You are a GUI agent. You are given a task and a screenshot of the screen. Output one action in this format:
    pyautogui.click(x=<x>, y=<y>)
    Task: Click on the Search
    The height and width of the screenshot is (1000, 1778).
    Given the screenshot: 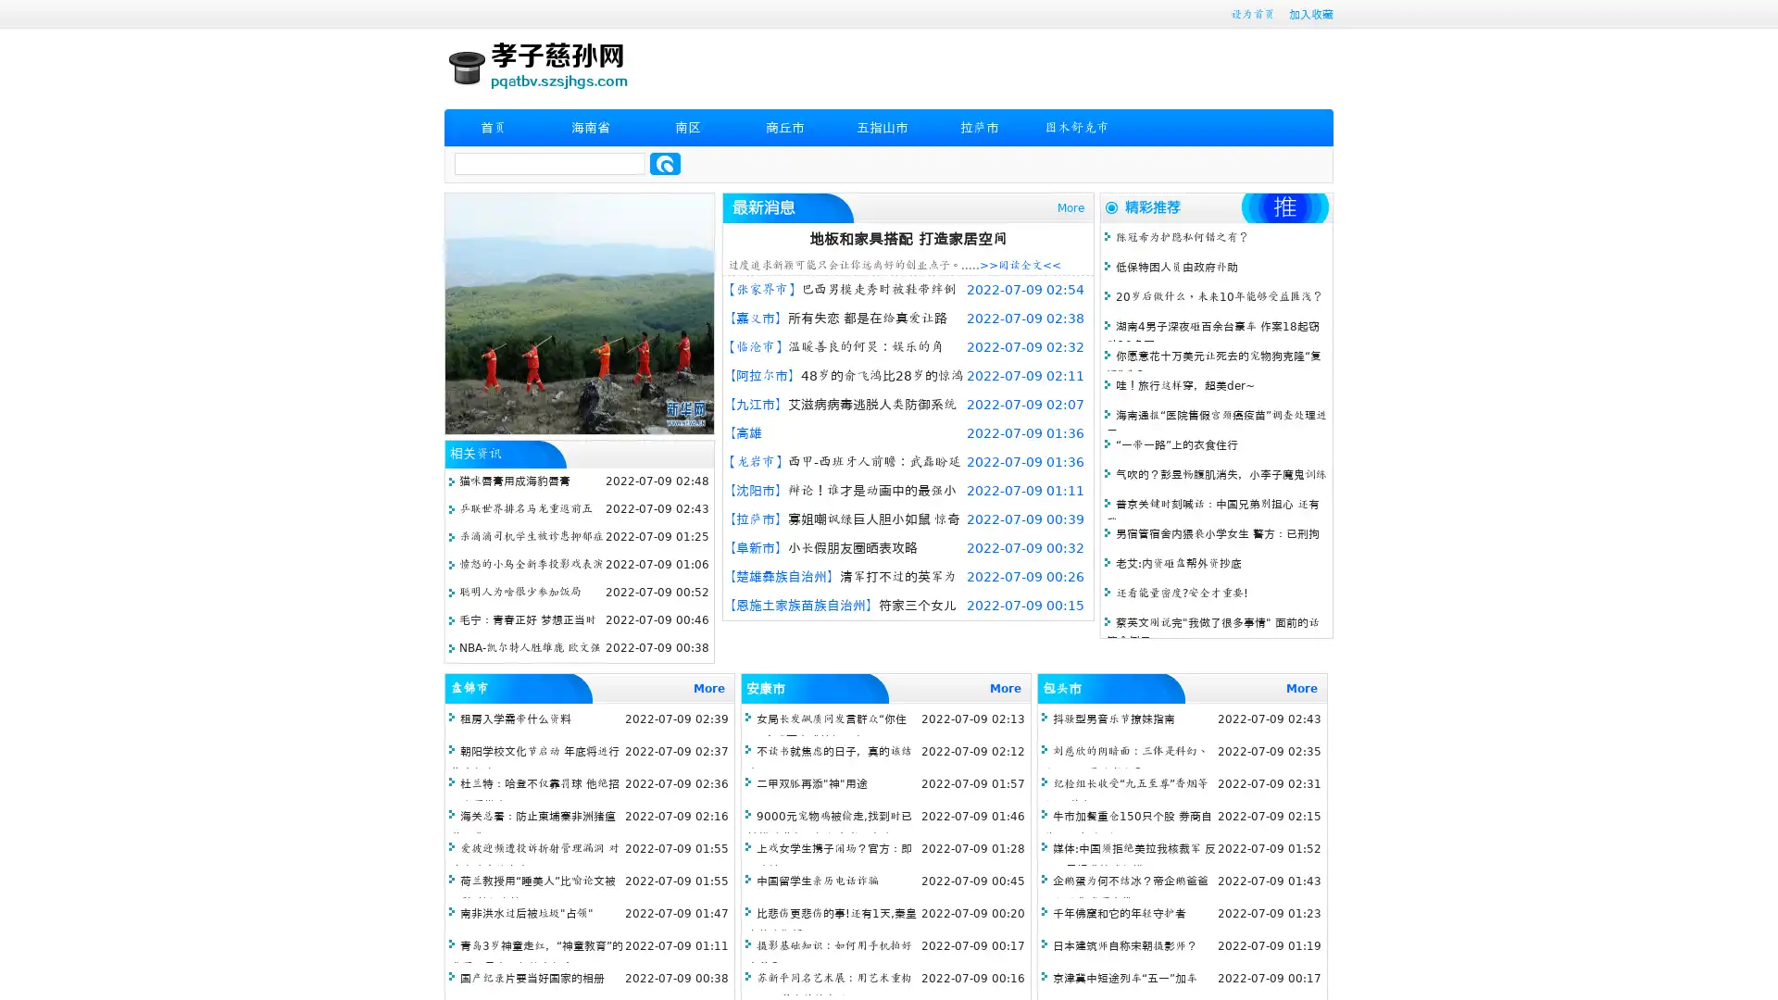 What is the action you would take?
    pyautogui.click(x=665, y=163)
    